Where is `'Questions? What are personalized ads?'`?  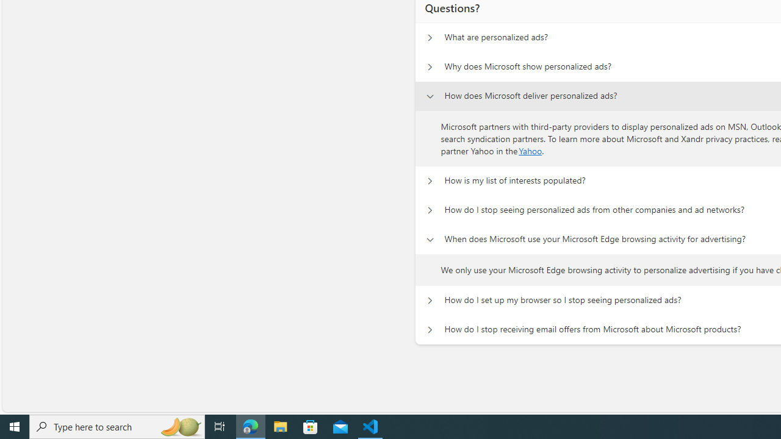
'Questions? What are personalized ads?' is located at coordinates (430, 37).